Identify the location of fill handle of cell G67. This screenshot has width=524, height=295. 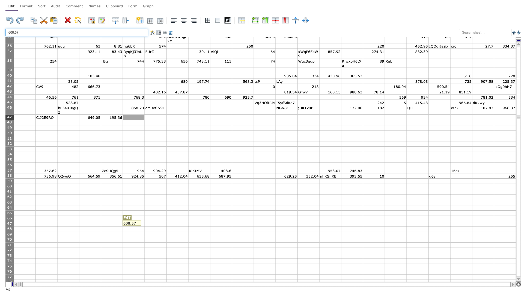
(166, 226).